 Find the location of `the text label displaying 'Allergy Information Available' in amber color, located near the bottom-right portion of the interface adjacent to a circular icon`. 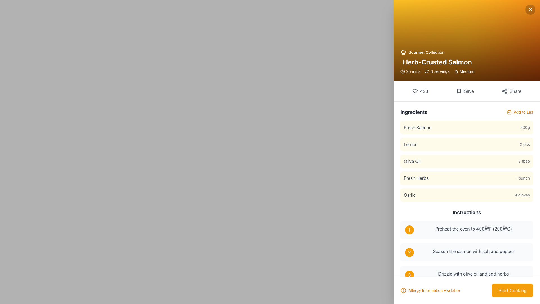

the text label displaying 'Allergy Information Available' in amber color, located near the bottom-right portion of the interface adjacent to a circular icon is located at coordinates (434, 290).